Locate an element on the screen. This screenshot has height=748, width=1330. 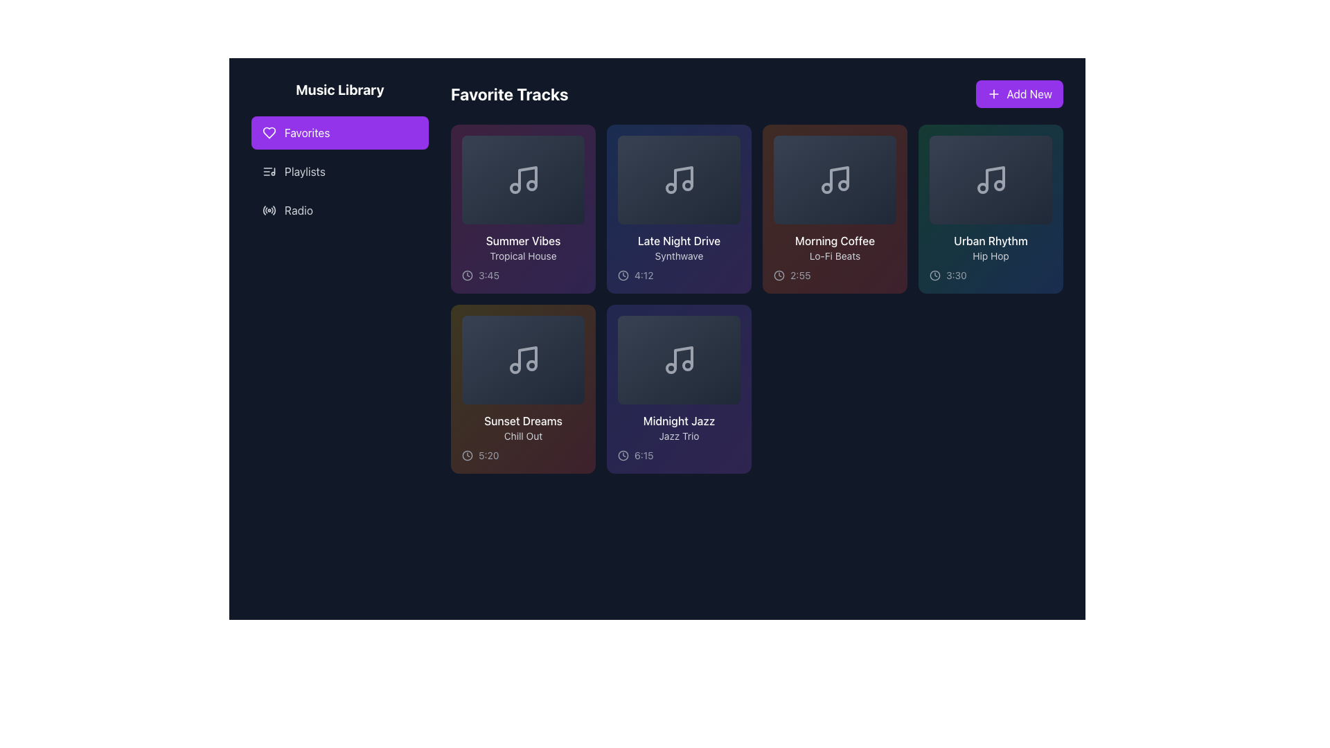
the 'Playlists' icon in the navigation panel is located at coordinates (269, 170).